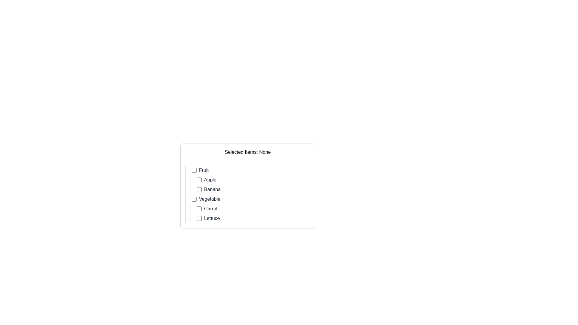 The height and width of the screenshot is (325, 578). I want to click on the blue square checkbox located to the left of the text 'Vegetable', so click(194, 199).